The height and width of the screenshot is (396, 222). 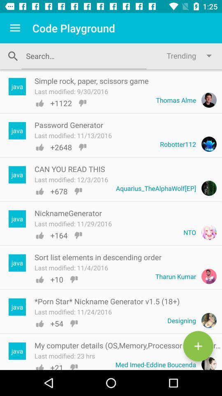 What do you see at coordinates (198, 346) in the screenshot?
I see `another entry` at bounding box center [198, 346].